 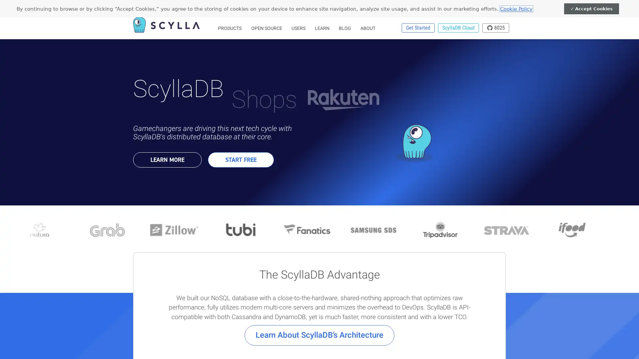 What do you see at coordinates (241, 160) in the screenshot?
I see `START FREE` at bounding box center [241, 160].